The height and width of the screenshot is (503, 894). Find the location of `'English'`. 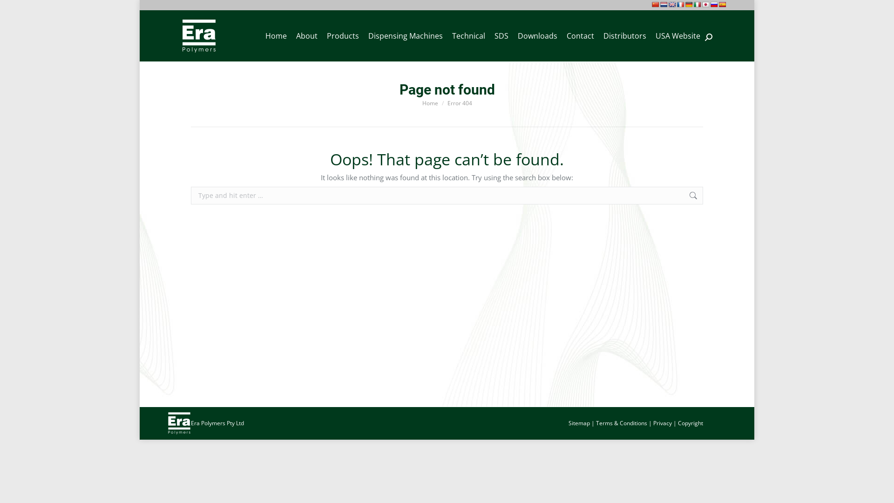

'English' is located at coordinates (672, 5).